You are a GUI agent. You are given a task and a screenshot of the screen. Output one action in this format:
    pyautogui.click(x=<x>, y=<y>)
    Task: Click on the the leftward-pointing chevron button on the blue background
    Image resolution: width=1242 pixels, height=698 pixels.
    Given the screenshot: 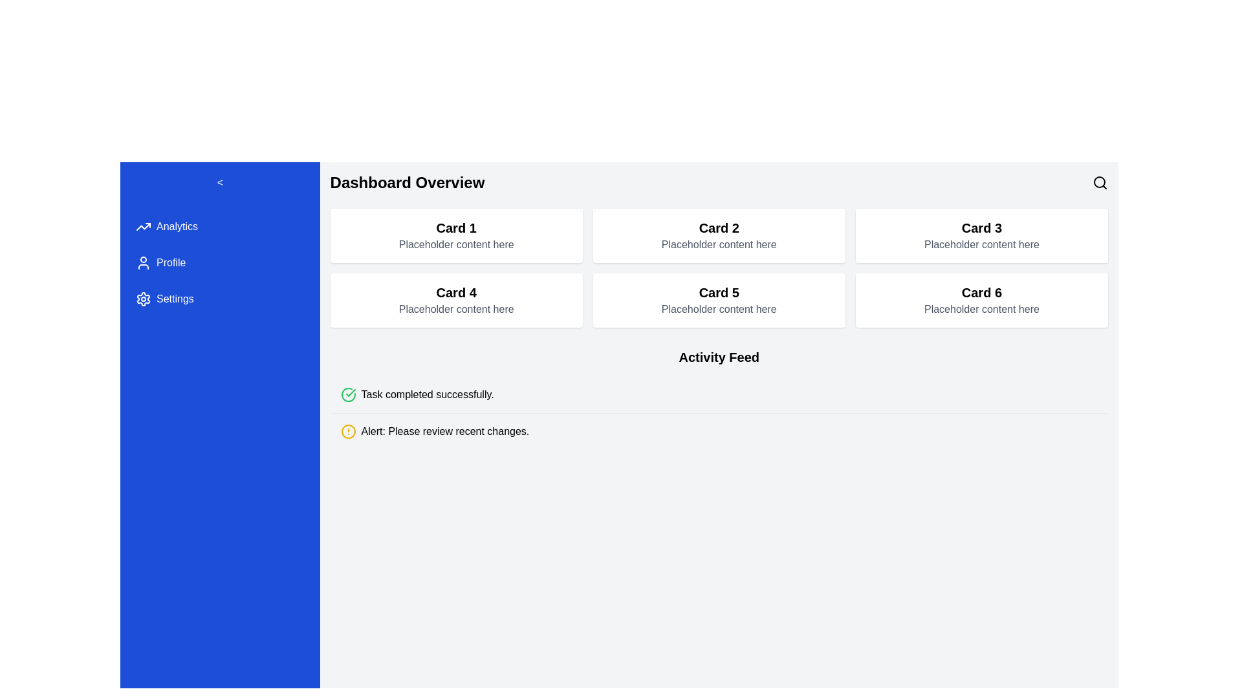 What is the action you would take?
    pyautogui.click(x=220, y=182)
    